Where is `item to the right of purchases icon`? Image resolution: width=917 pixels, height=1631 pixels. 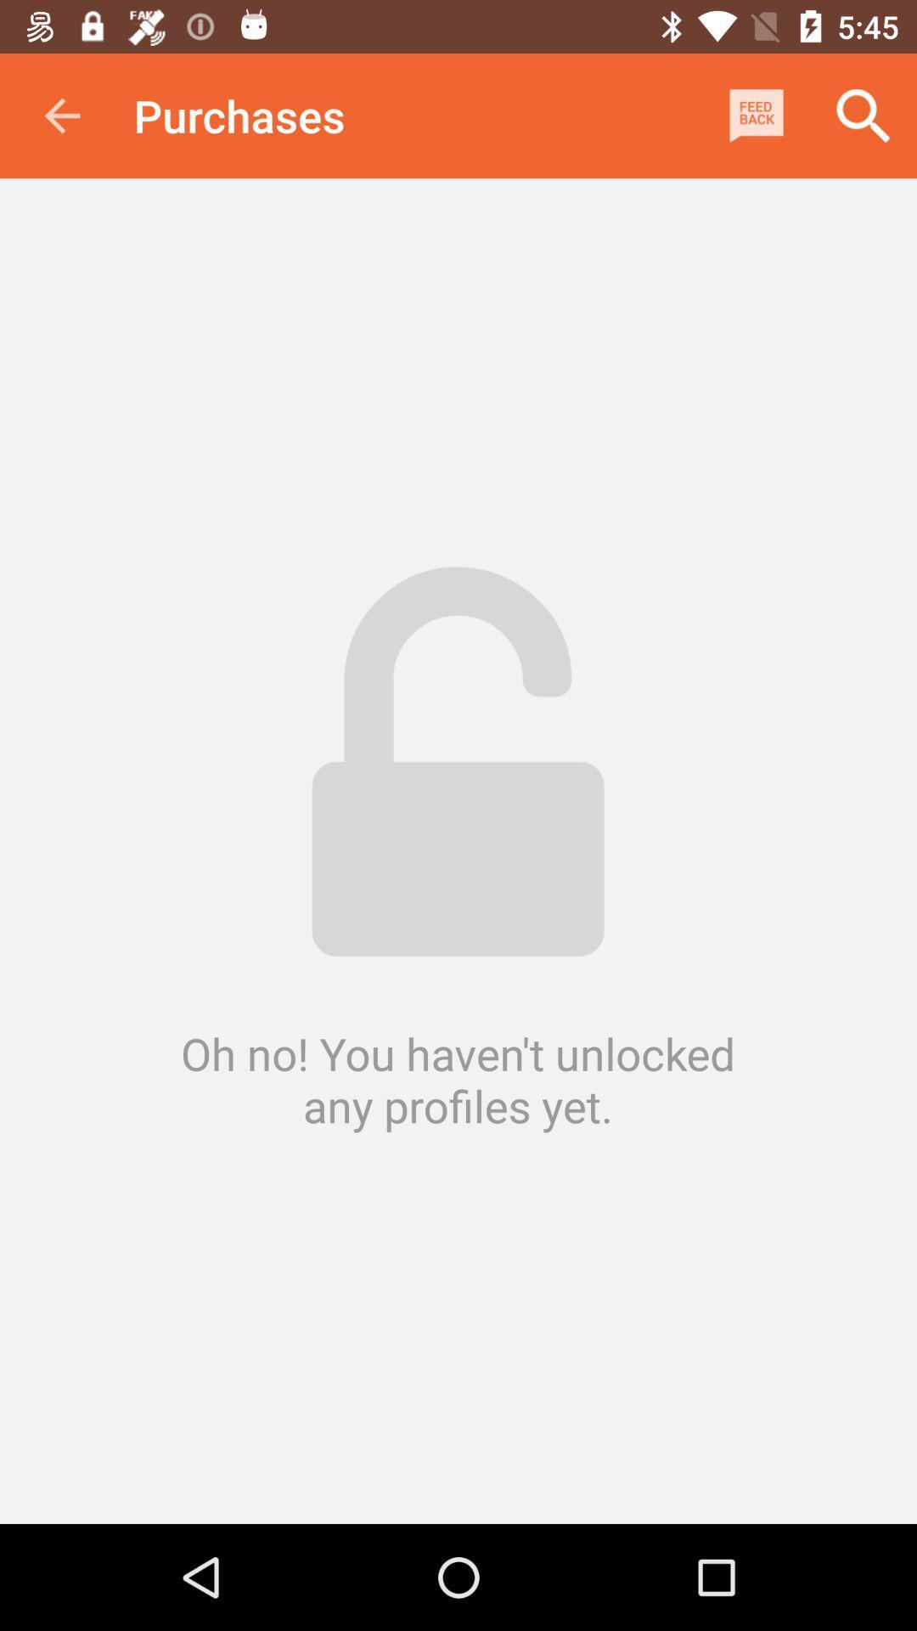
item to the right of purchases icon is located at coordinates (756, 115).